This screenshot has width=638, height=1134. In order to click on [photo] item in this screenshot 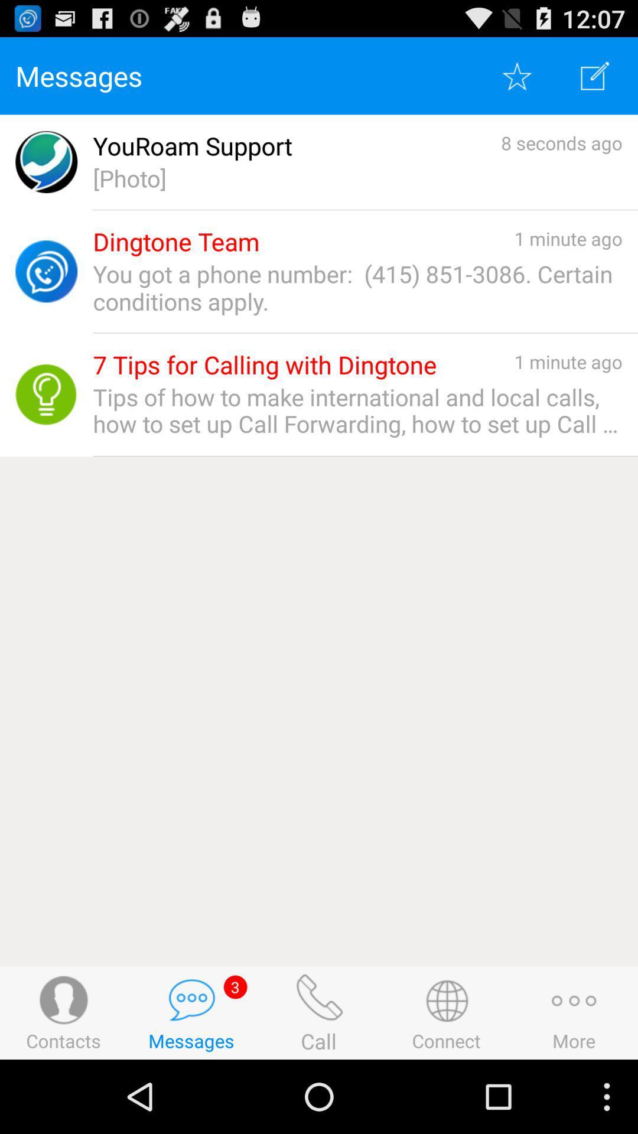, I will do `click(357, 177)`.